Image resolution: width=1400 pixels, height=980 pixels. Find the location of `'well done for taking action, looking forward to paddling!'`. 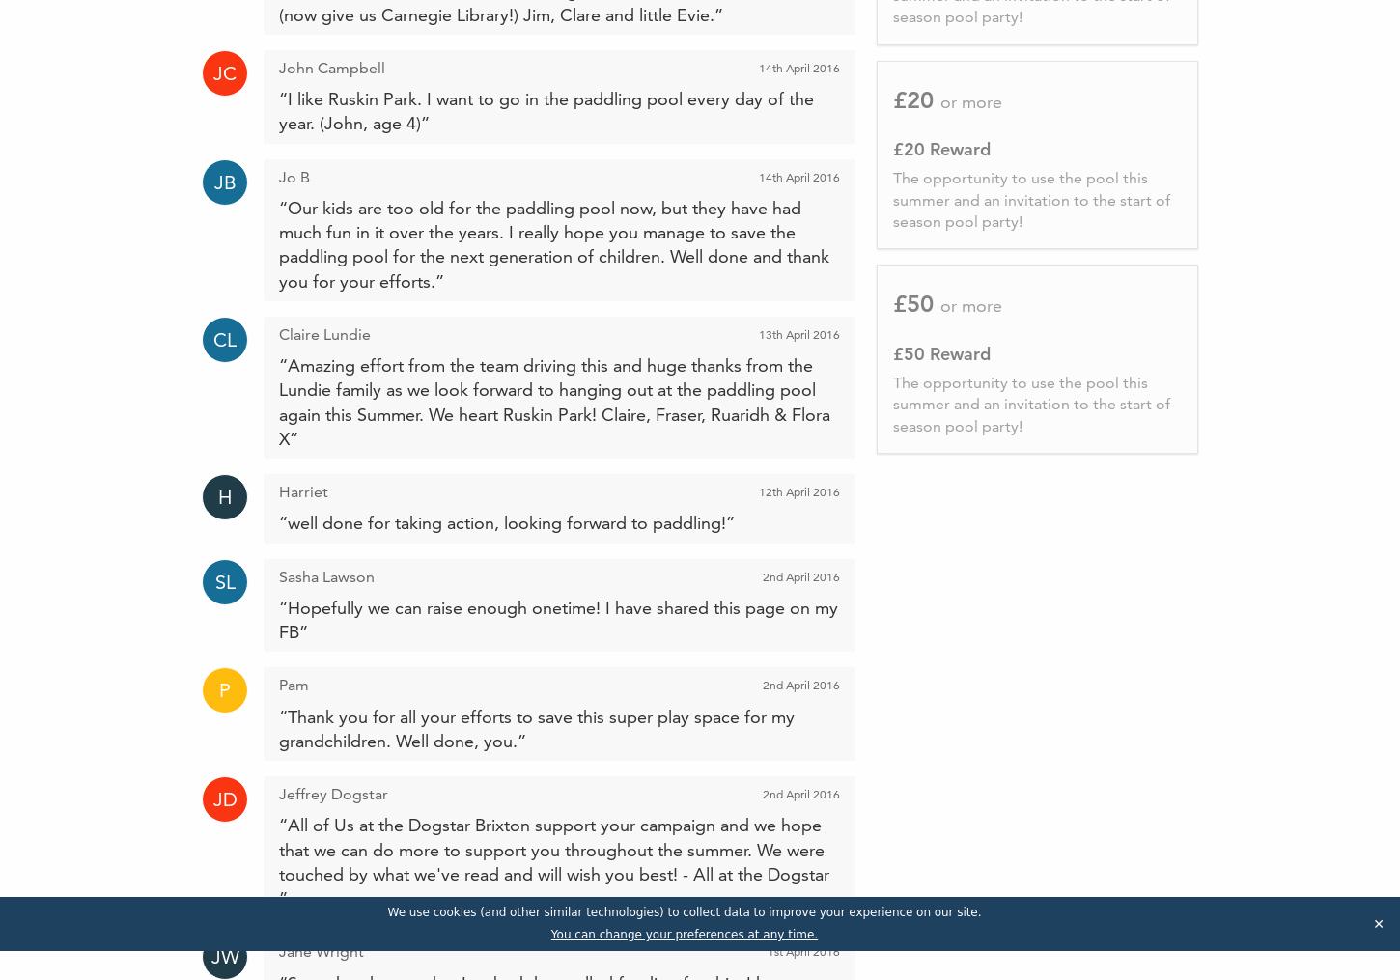

'well done for taking action, looking forward to paddling!' is located at coordinates (507, 522).